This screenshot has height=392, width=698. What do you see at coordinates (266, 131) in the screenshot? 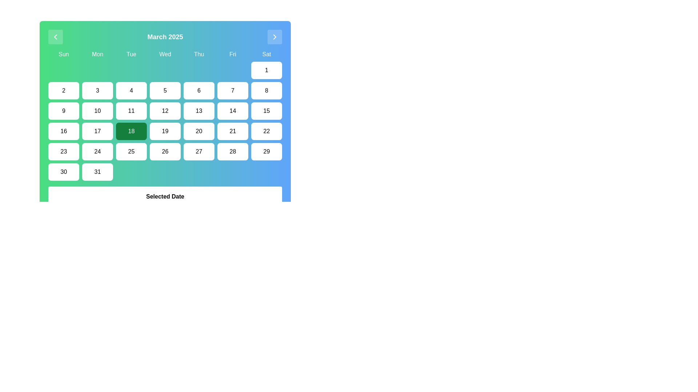
I see `the button labeled '22' in the calendar interface` at bounding box center [266, 131].